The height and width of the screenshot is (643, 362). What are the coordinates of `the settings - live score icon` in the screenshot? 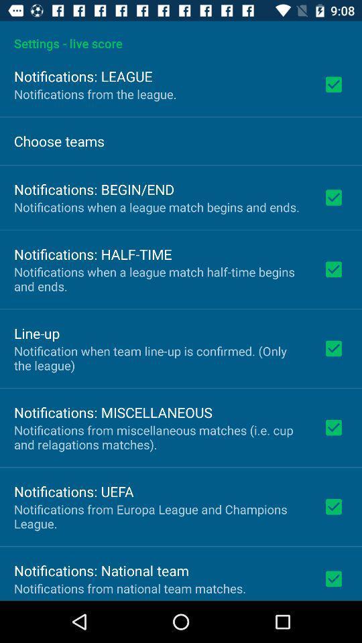 It's located at (181, 35).